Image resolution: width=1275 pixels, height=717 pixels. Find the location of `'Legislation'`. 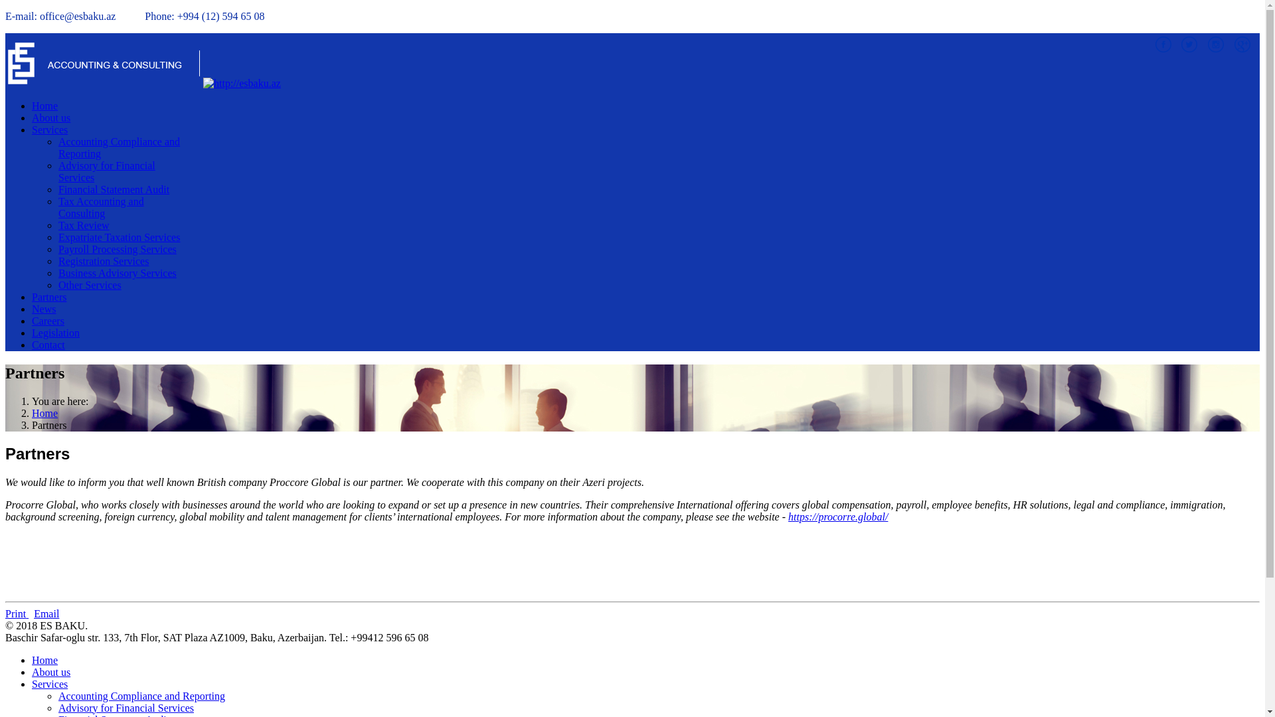

'Legislation' is located at coordinates (54, 332).